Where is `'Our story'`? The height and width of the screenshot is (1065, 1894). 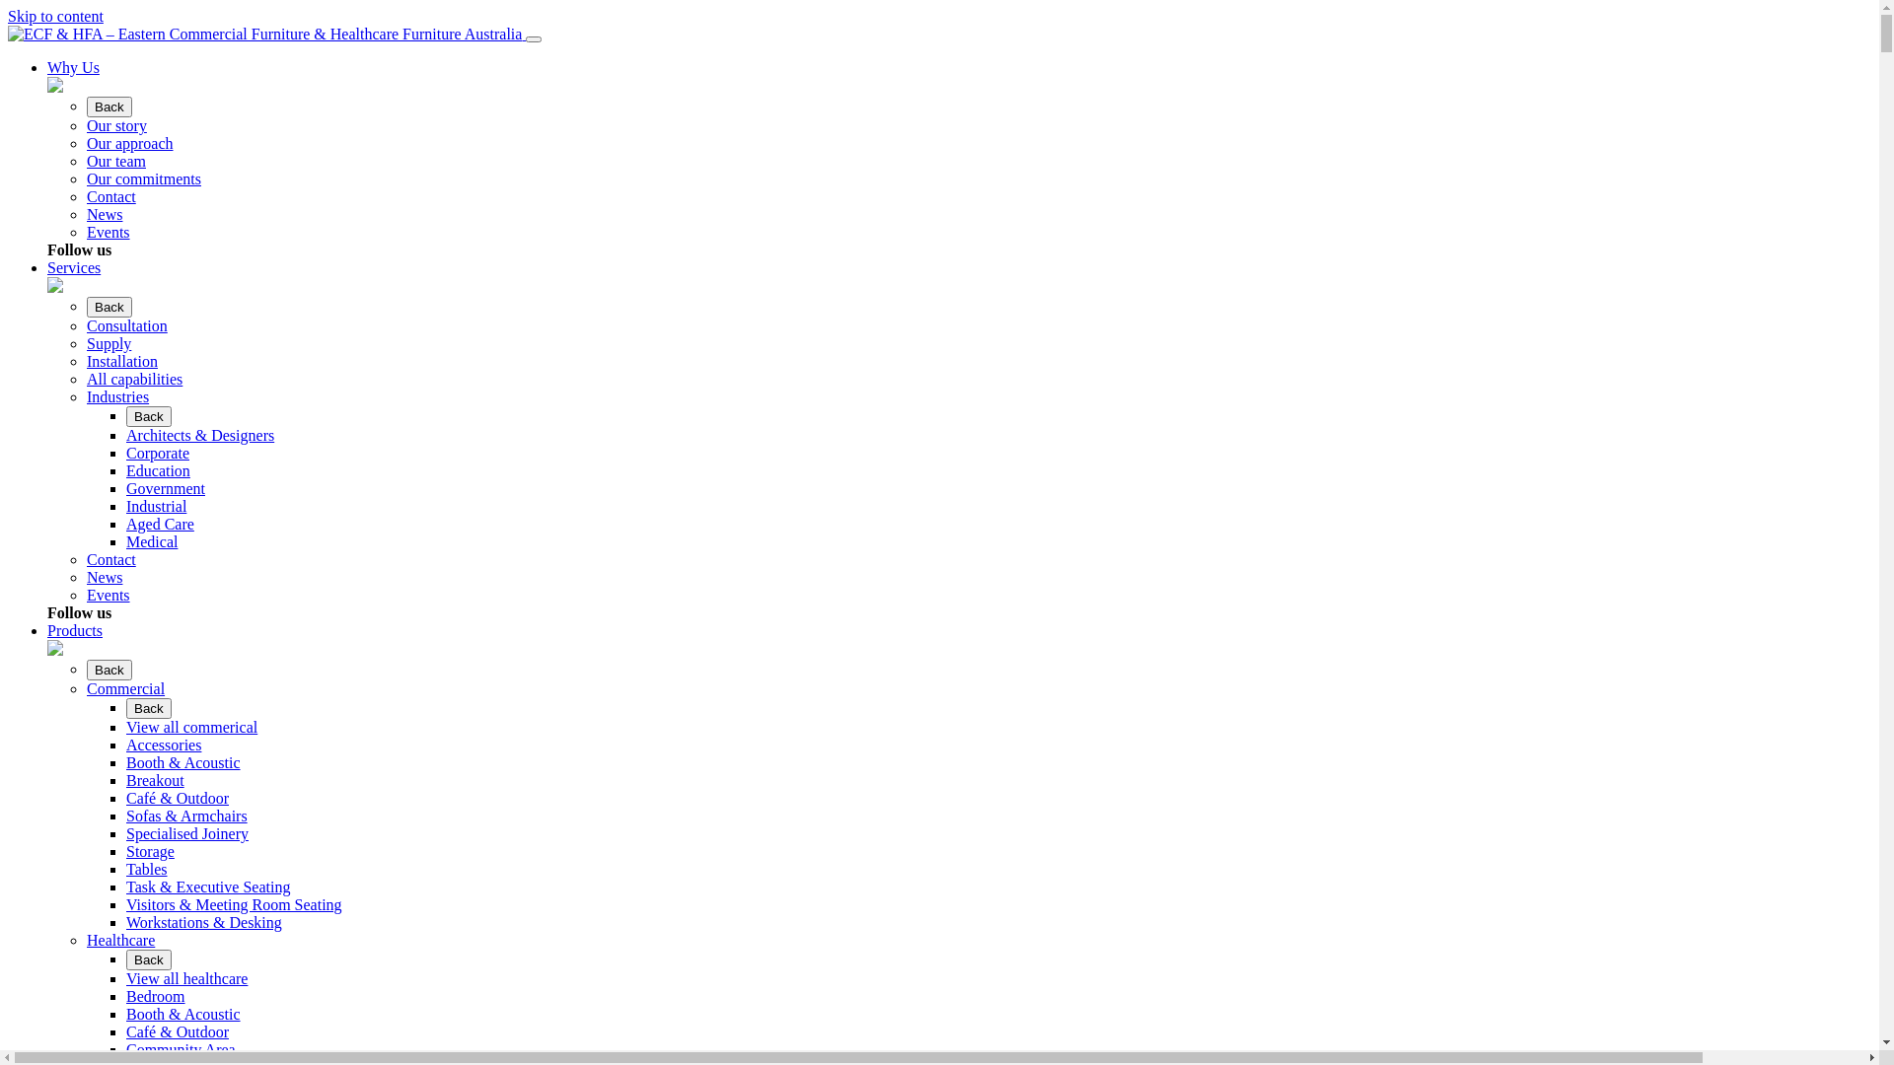
'Our story' is located at coordinates (115, 125).